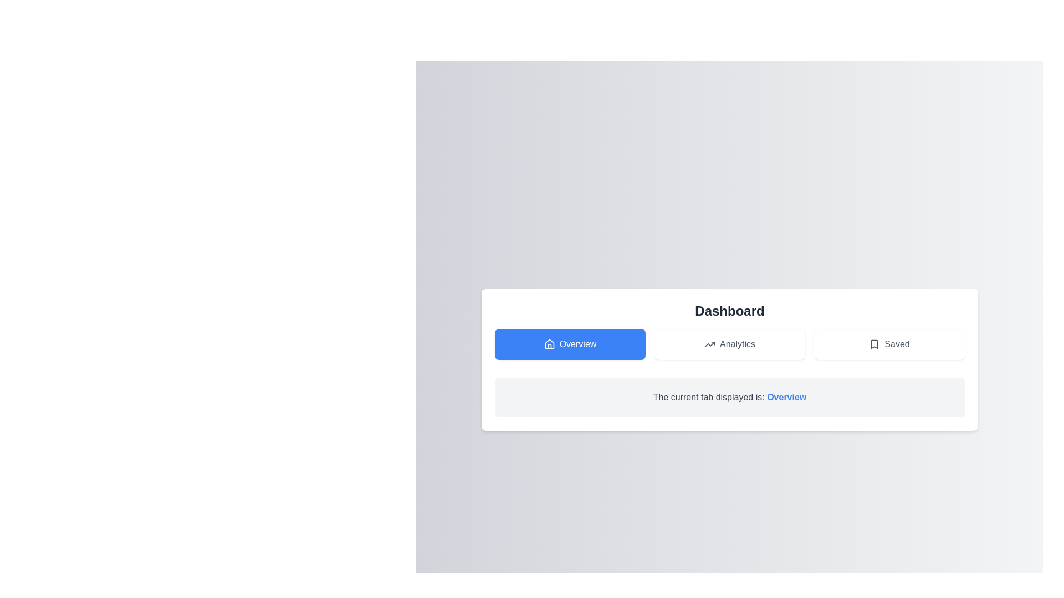 The height and width of the screenshot is (598, 1064). What do you see at coordinates (729, 343) in the screenshot?
I see `the 'Analytics' button, which is a rectangular button with a white background and an upward trending arrow icon on the left` at bounding box center [729, 343].